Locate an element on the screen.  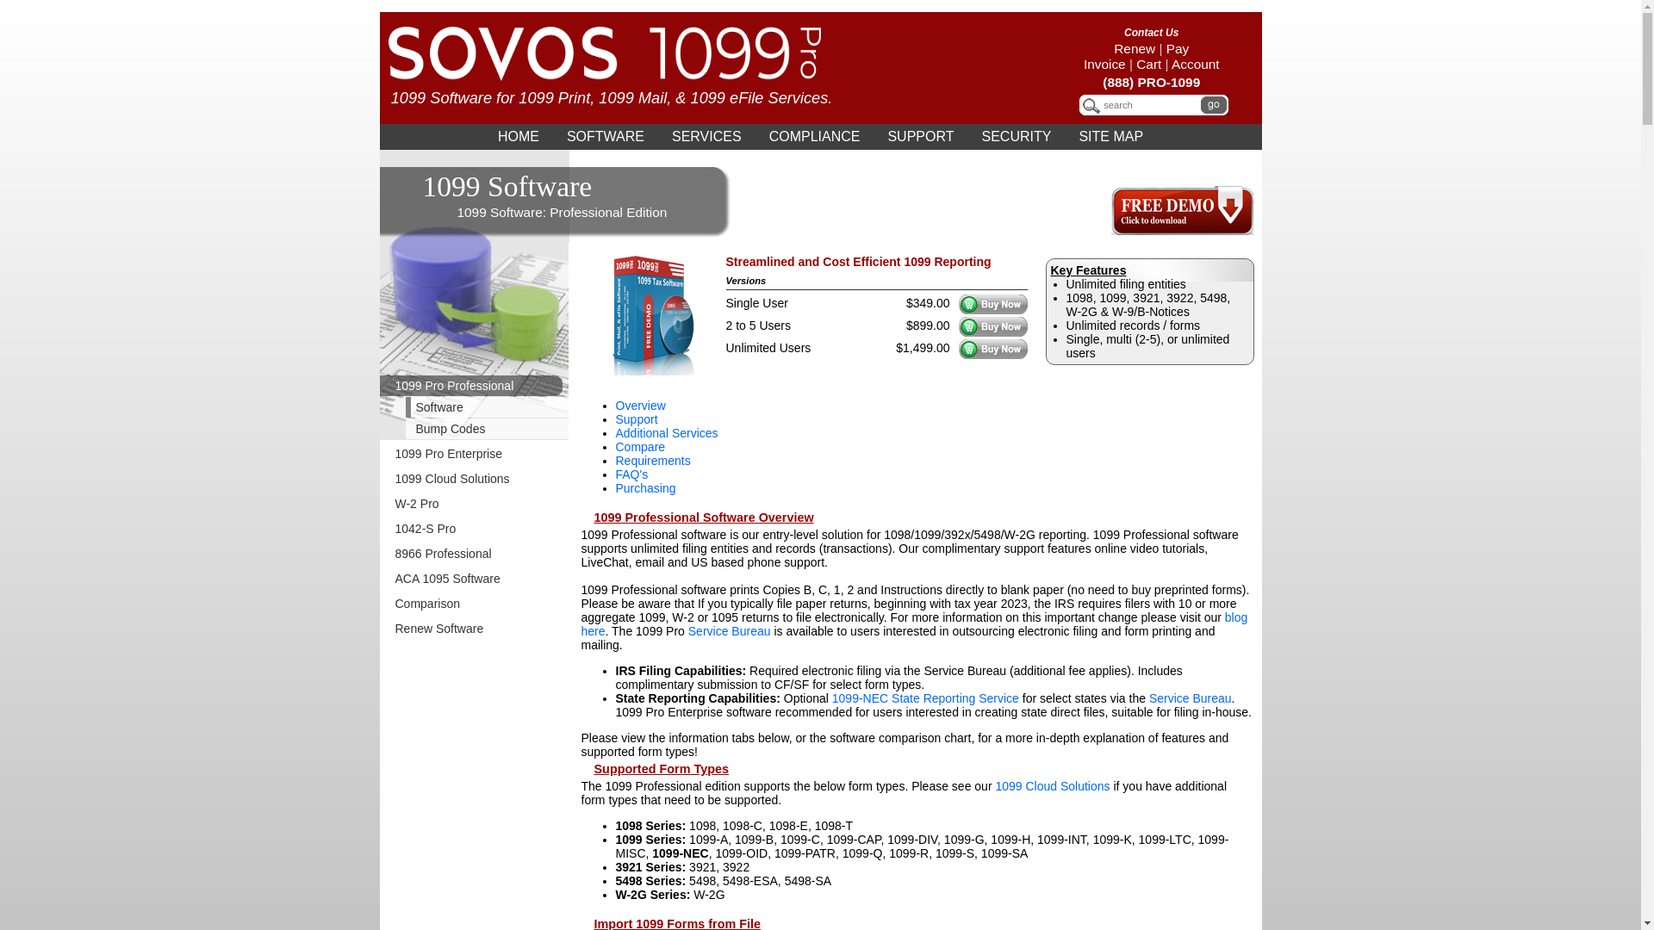
'ACA 1095 Software' is located at coordinates (378, 578).